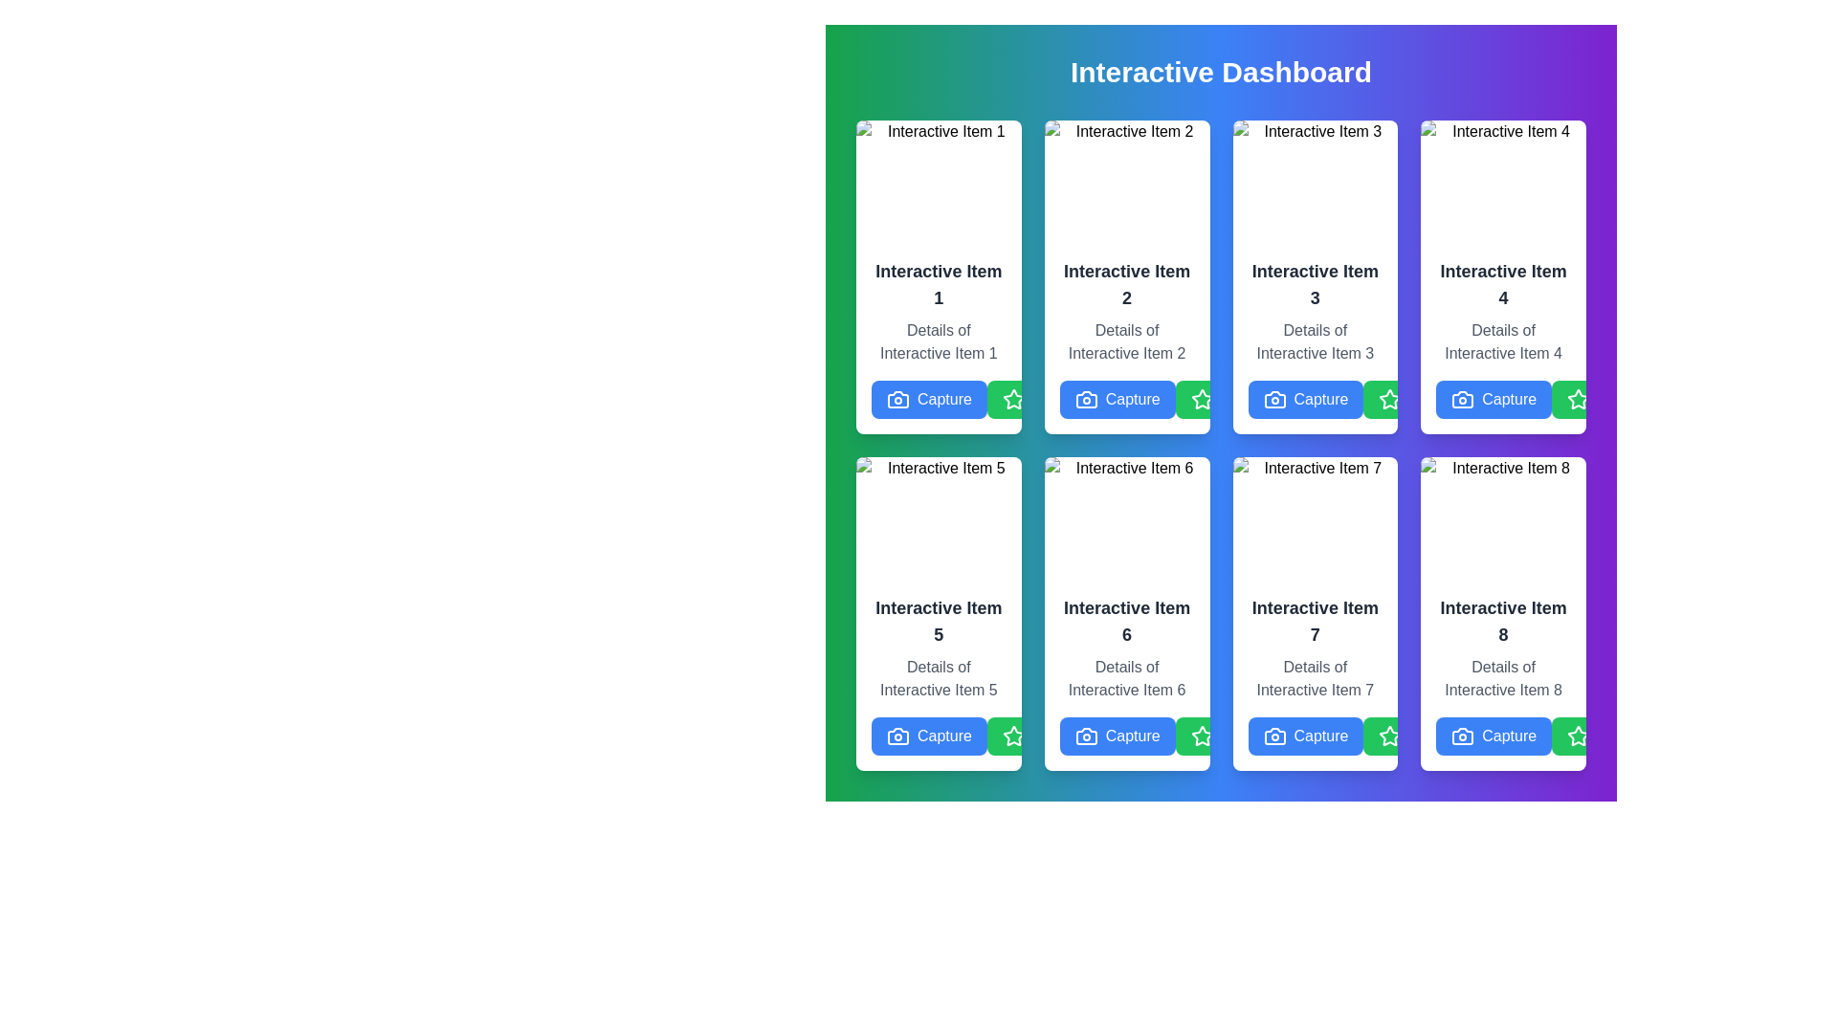 This screenshot has width=1837, height=1033. What do you see at coordinates (1086, 736) in the screenshot?
I see `the camera icon representing the 'Capture' functionality, located to the left of the 'Capture' button in 'Interactive Item 6' within the grid` at bounding box center [1086, 736].